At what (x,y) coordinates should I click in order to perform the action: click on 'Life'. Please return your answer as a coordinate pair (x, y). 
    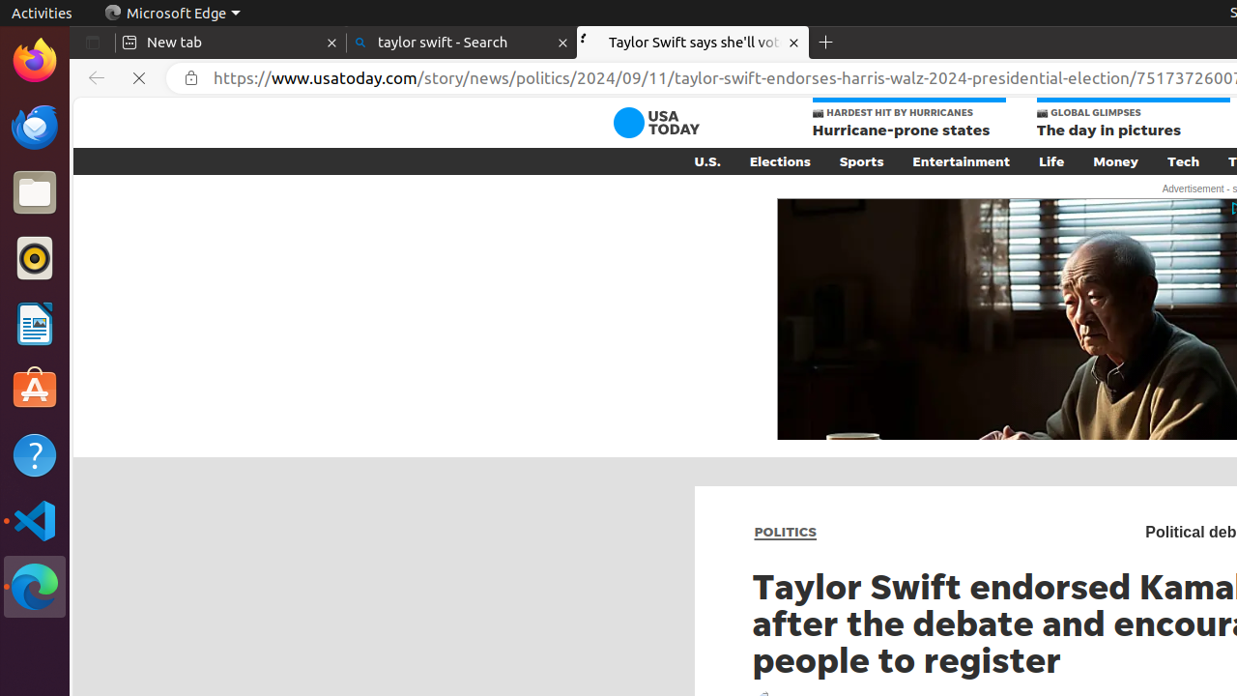
    Looking at the image, I should click on (1050, 159).